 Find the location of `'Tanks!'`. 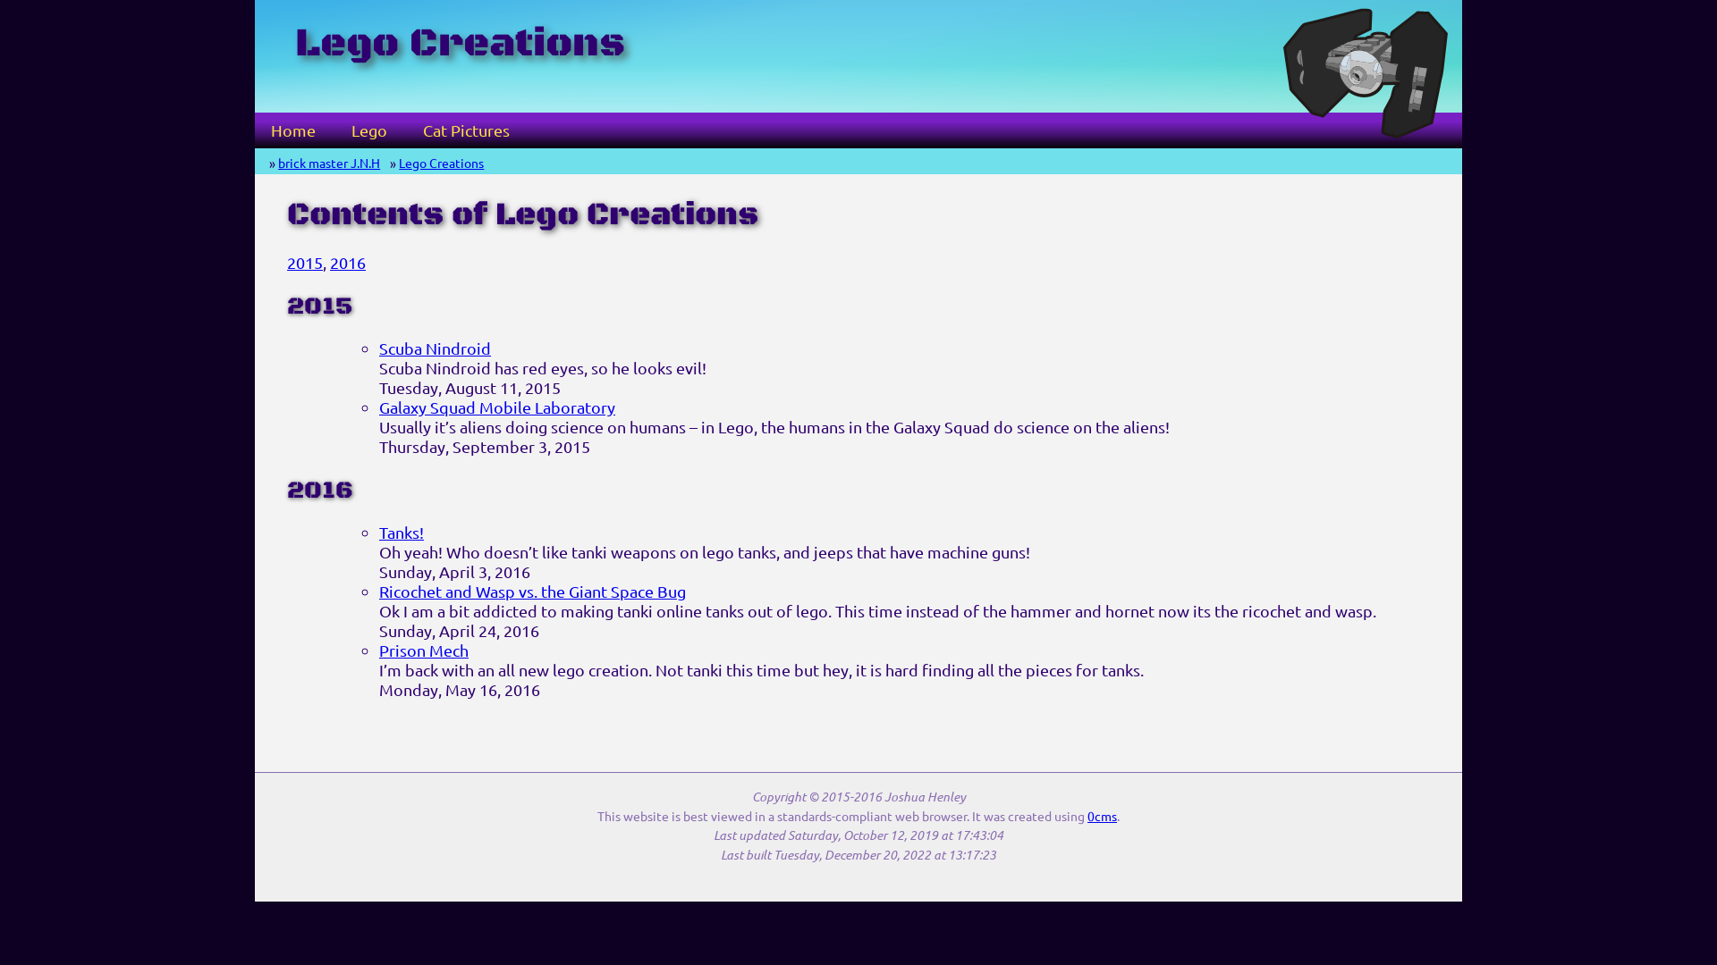

'Tanks!' is located at coordinates (377, 531).